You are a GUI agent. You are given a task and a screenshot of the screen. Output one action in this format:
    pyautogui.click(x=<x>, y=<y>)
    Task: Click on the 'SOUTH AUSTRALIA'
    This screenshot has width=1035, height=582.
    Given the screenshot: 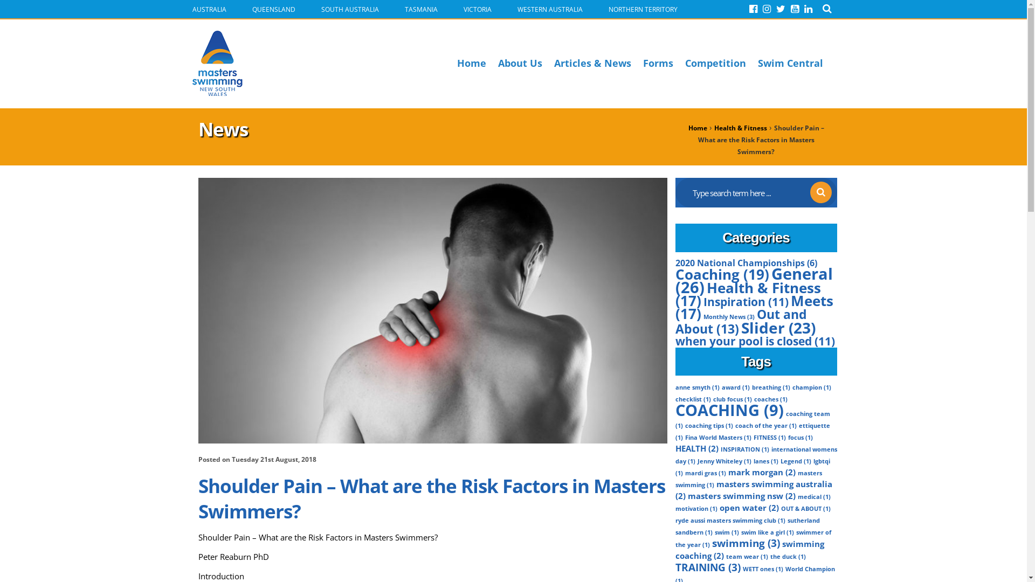 What is the action you would take?
    pyautogui.click(x=318, y=8)
    